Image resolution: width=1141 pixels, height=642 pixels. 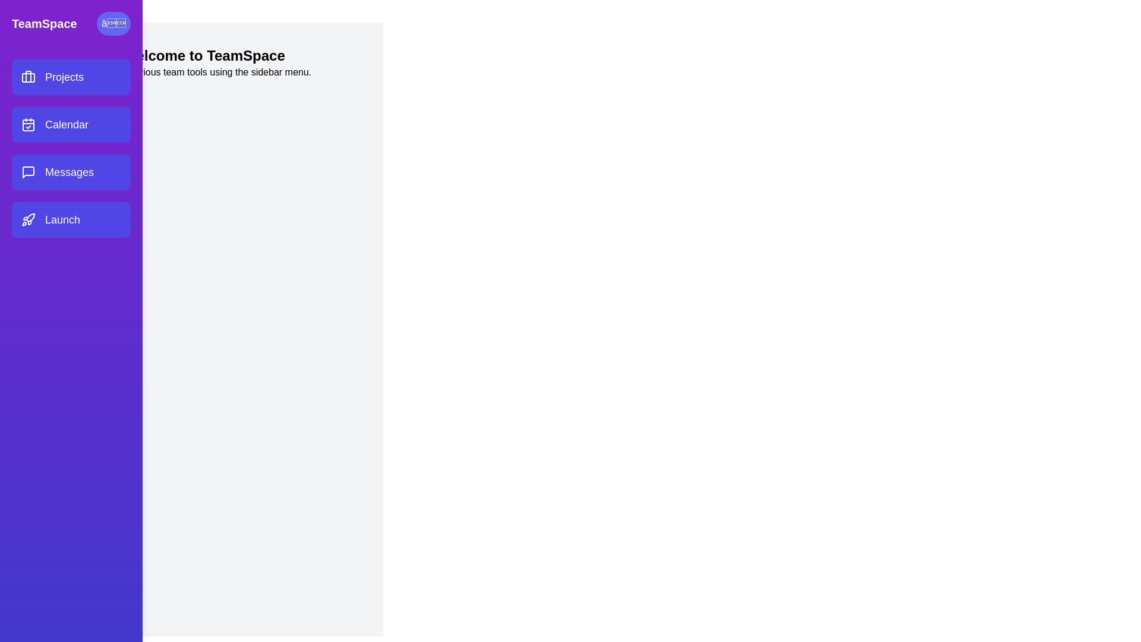 What do you see at coordinates (71, 124) in the screenshot?
I see `the menu item labeled Calendar to navigate` at bounding box center [71, 124].